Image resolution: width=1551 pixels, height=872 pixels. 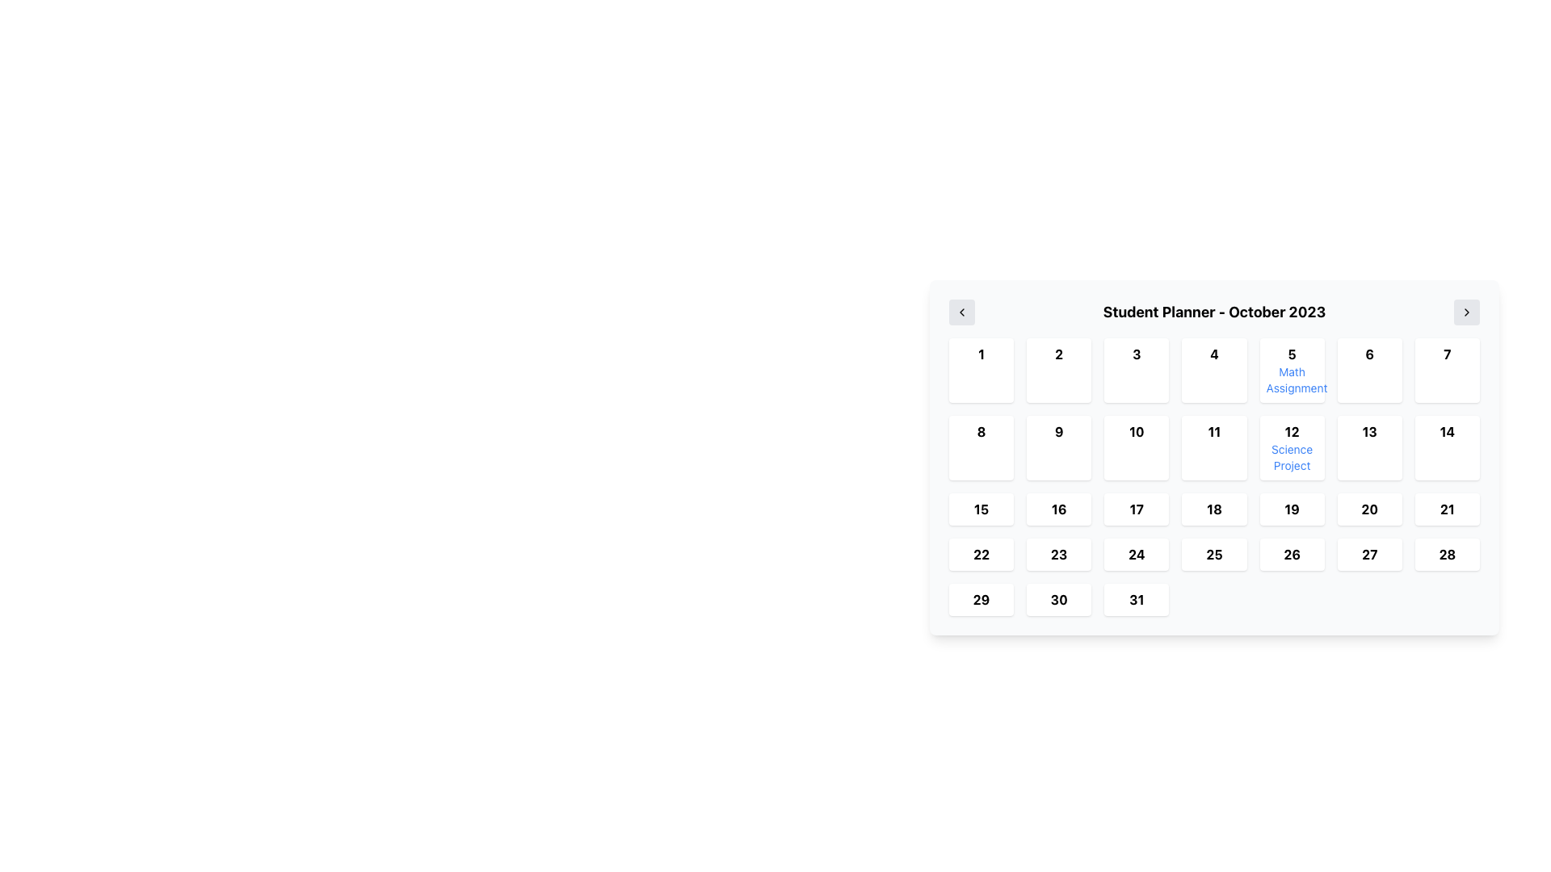 I want to click on the Calendar date box displaying the number '10', so click(x=1136, y=448).